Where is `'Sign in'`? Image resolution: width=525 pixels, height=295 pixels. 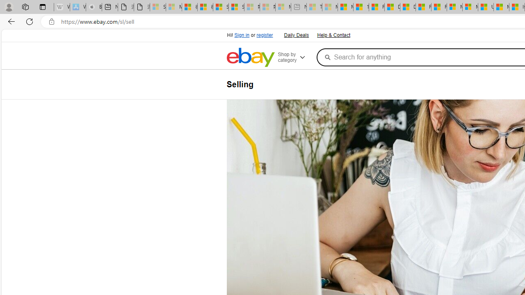 'Sign in' is located at coordinates (242, 35).